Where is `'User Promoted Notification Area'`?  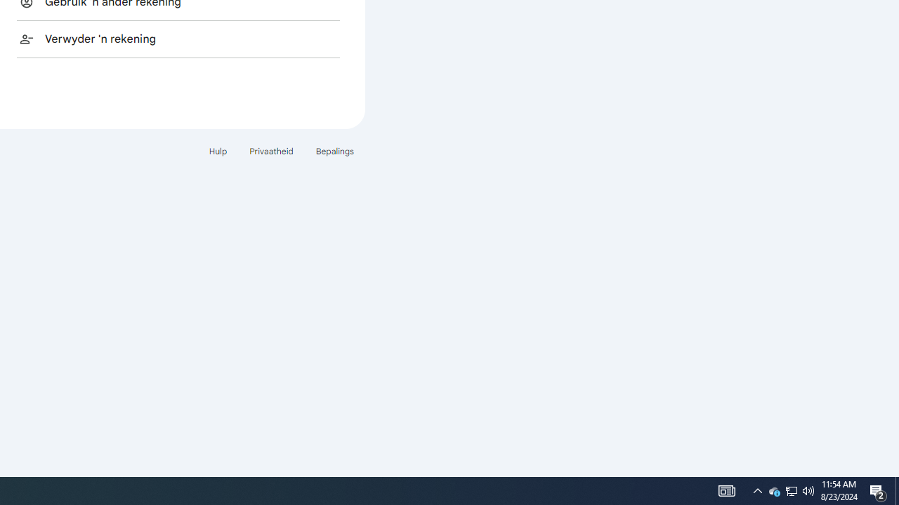
'User Promoted Notification Area' is located at coordinates (792, 490).